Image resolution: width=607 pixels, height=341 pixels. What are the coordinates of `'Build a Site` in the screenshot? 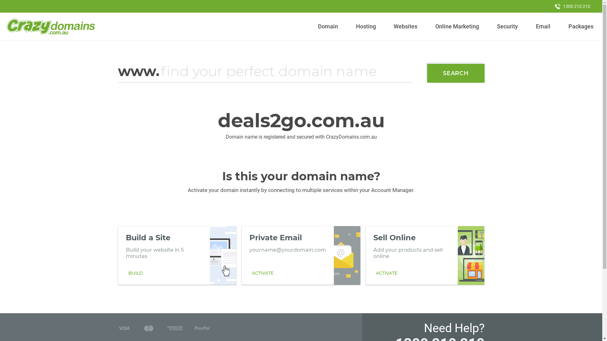 It's located at (177, 255).